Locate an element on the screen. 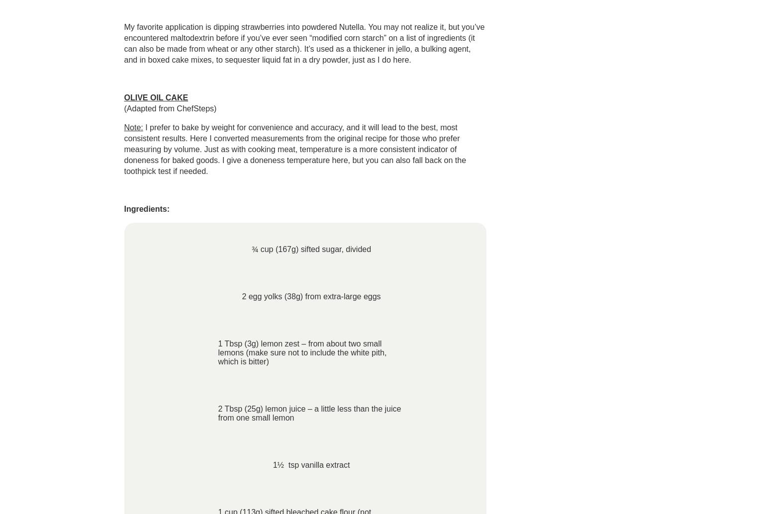 This screenshot has width=771, height=514. 'Ingredients:' is located at coordinates (146, 208).